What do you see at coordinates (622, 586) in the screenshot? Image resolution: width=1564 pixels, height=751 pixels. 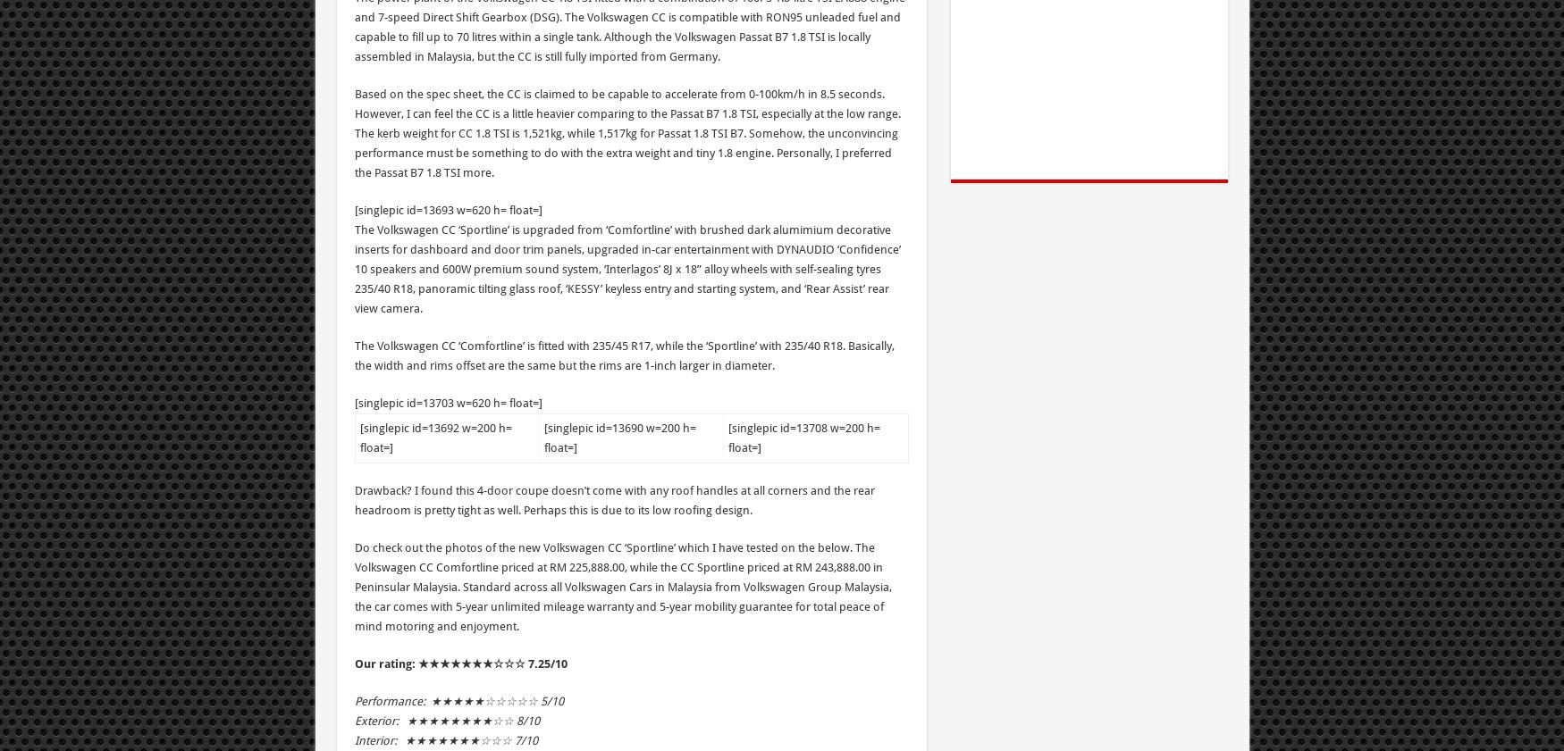 I see `'Do check out the photos of the new Volkswagen CC ‘Sportline’ which I have tested on the below. The Volkswagen CC Comfortline priced at RM 225,888.00, while the CC Sportline priced at RM 243,888.00 in Peninsular Malaysia. Standard across all Volkswagen Cars in Malaysia from Volkswagen Group Malaysia, the car comes with 5-year unlimited mileage warranty and 5-year mobility guarantee for total peace of mind motoring and enjoyment.'` at bounding box center [622, 586].